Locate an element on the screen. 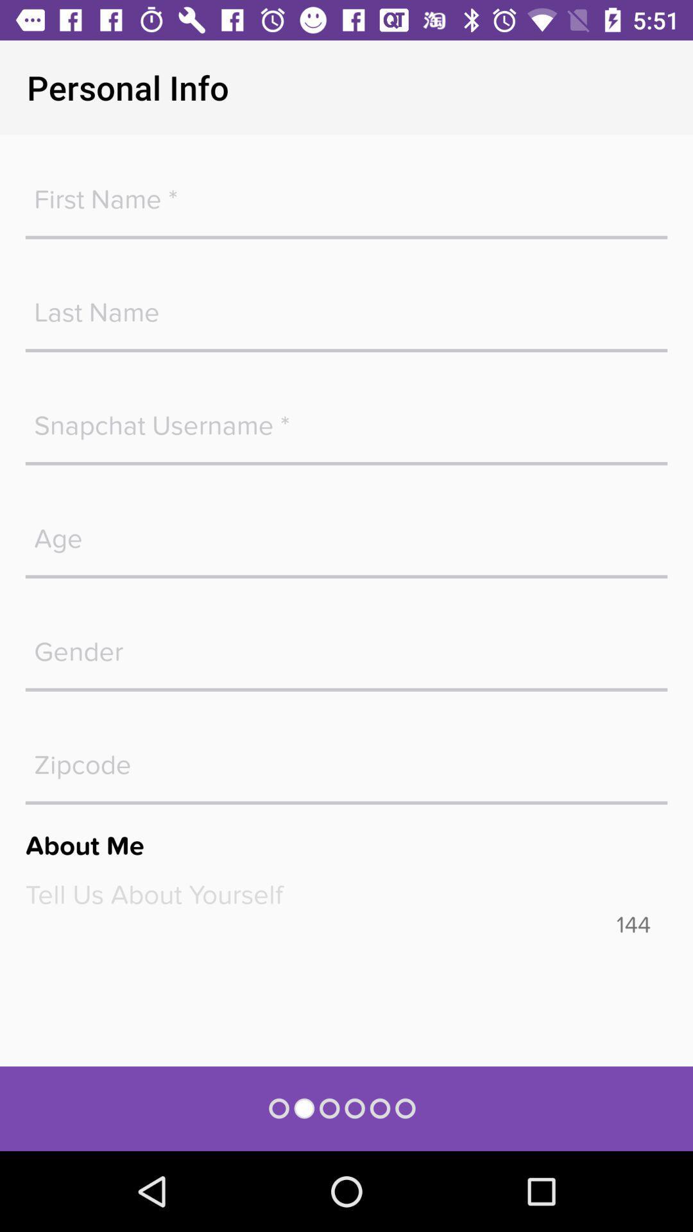  item below the about me icon is located at coordinates (346, 894).